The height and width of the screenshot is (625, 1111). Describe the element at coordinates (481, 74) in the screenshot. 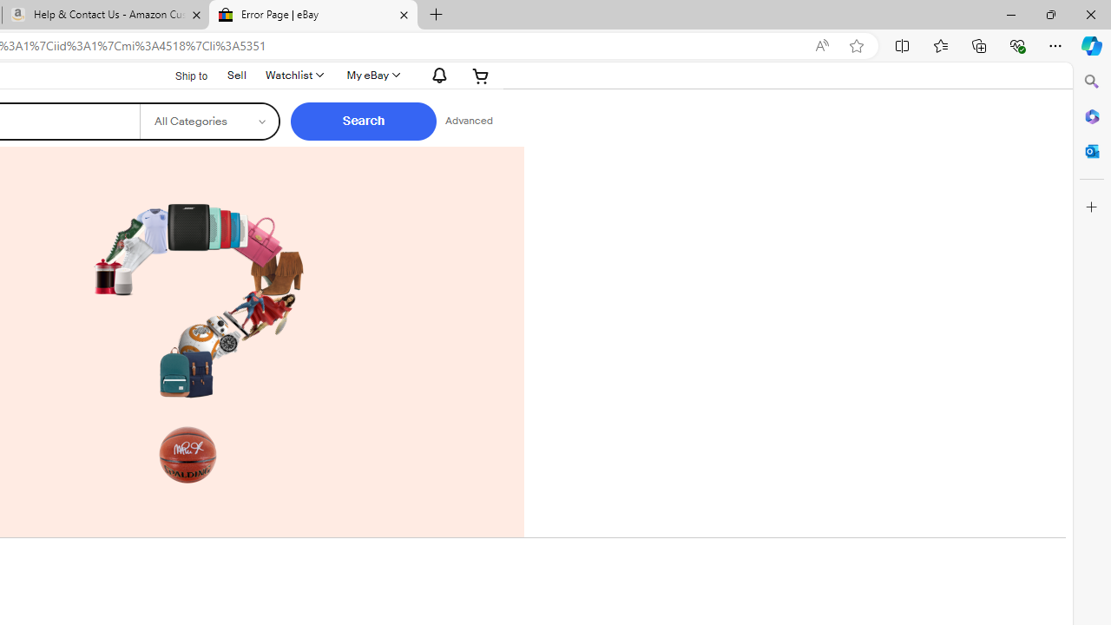

I see `'Your shopping cart'` at that location.